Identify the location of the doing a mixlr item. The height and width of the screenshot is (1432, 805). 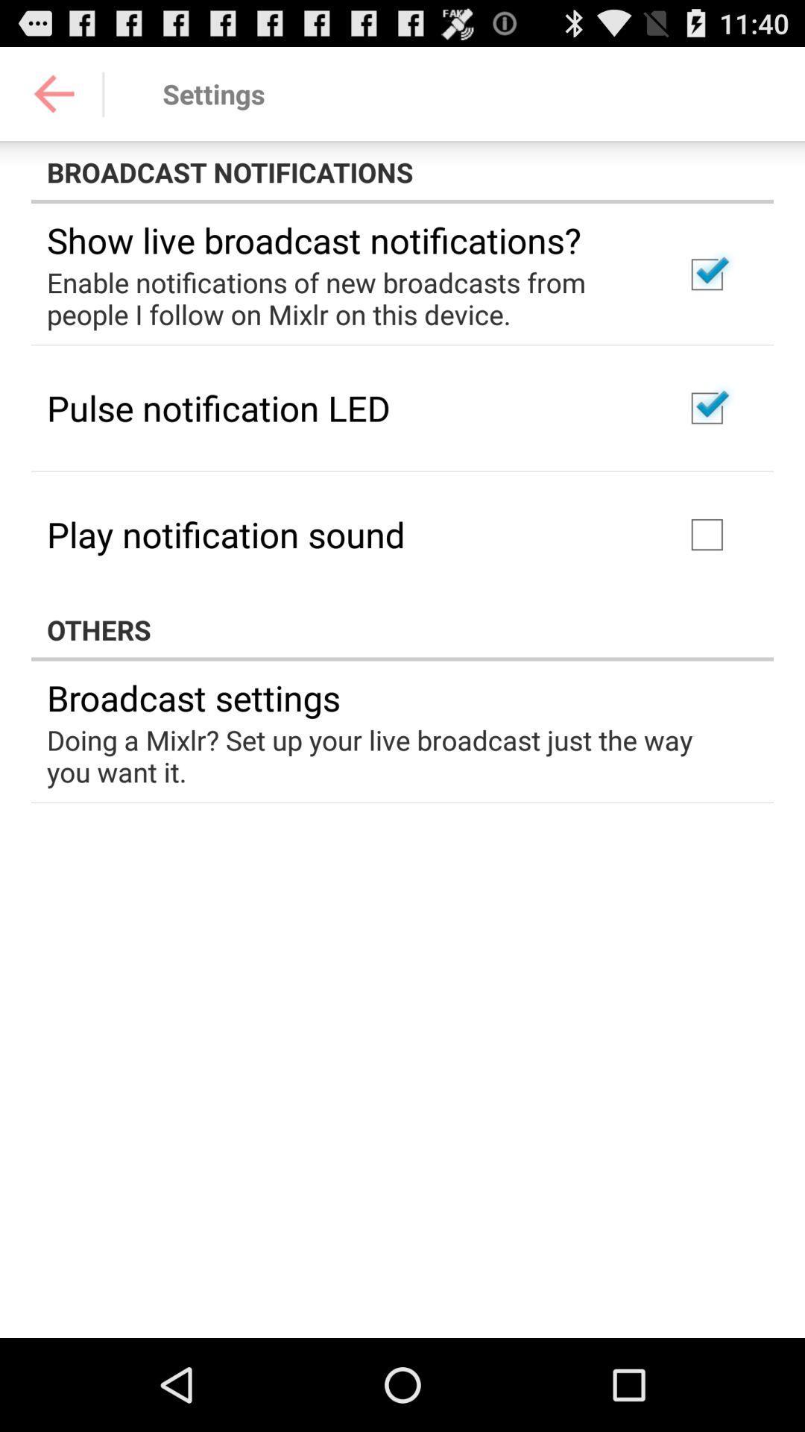
(391, 756).